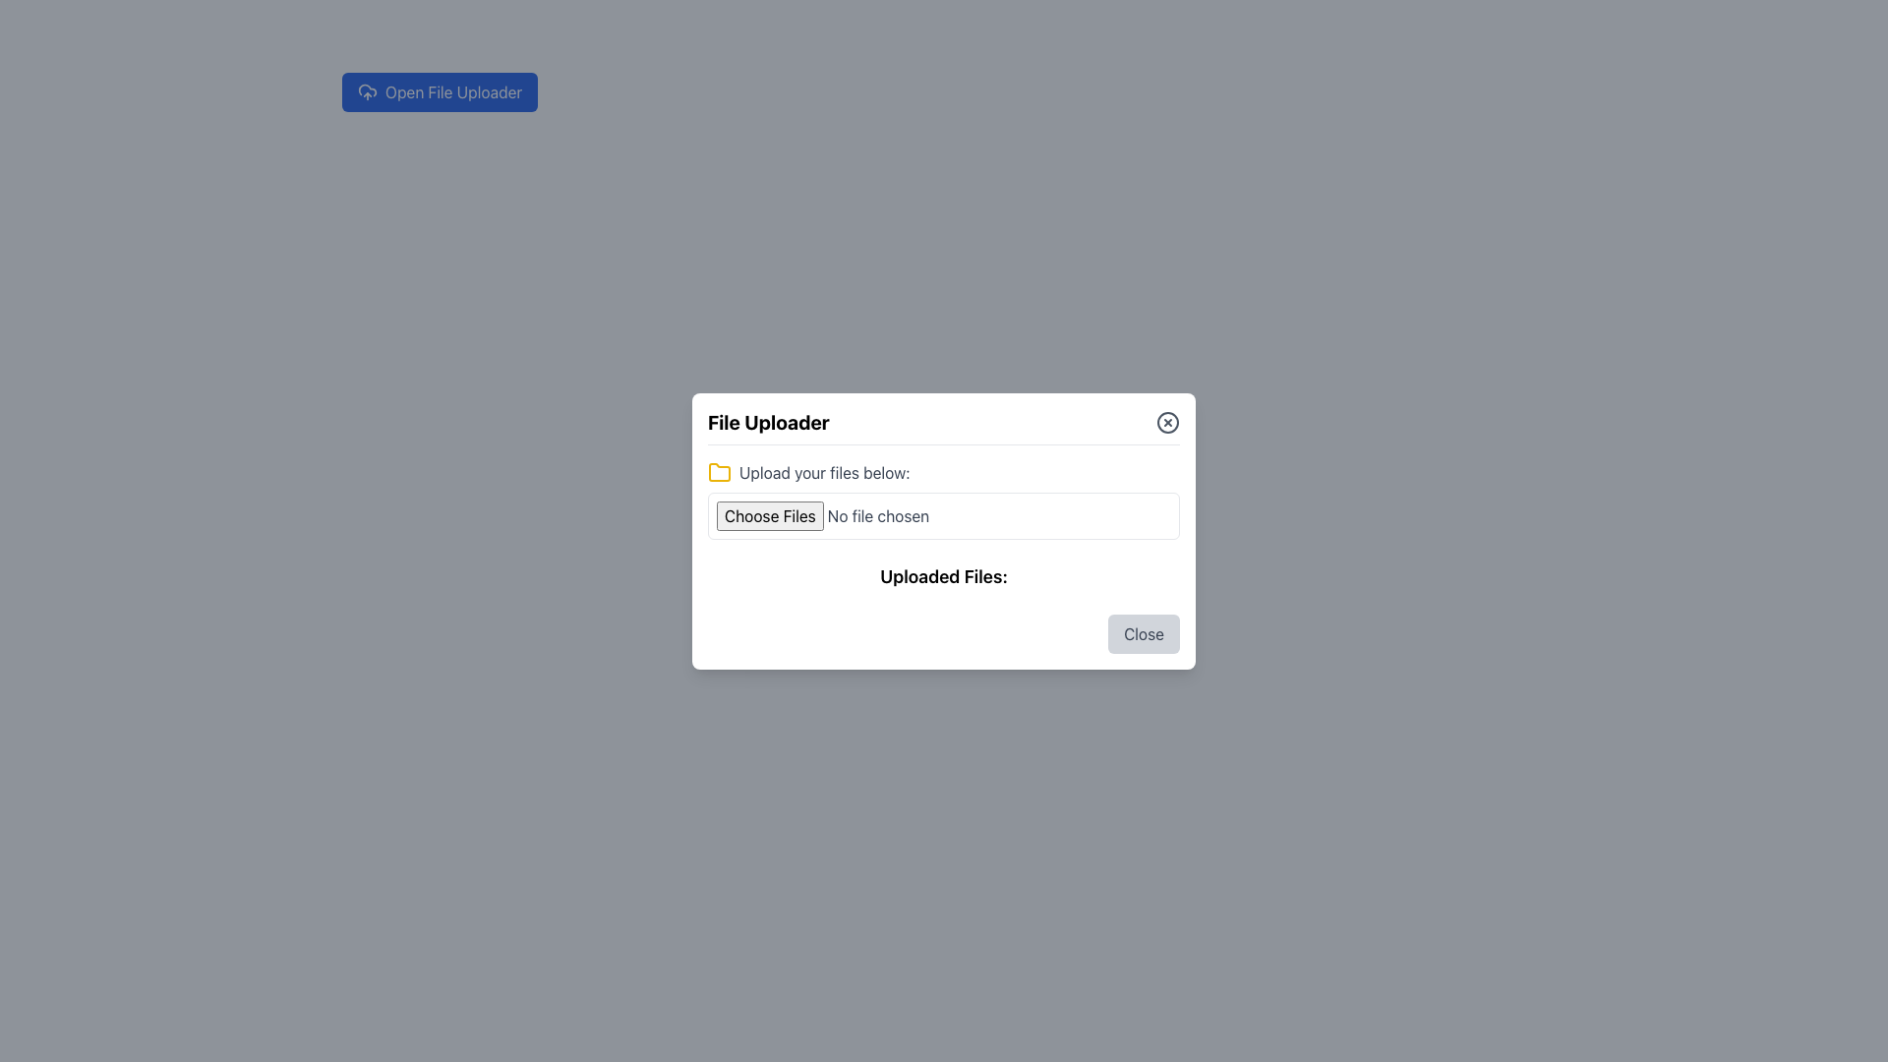 This screenshot has height=1062, width=1888. Describe the element at coordinates (1144, 633) in the screenshot. I see `the 'Close' button with a light gray background and rounded corners, positioned at the bottom-right corner of the modal dialog` at that location.